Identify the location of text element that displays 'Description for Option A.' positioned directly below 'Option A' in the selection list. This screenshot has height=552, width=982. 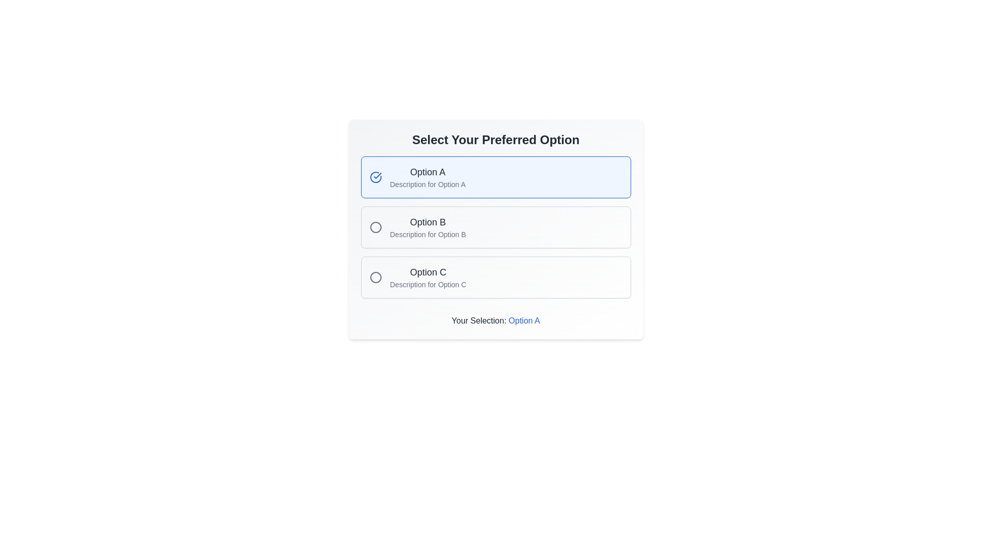
(428, 185).